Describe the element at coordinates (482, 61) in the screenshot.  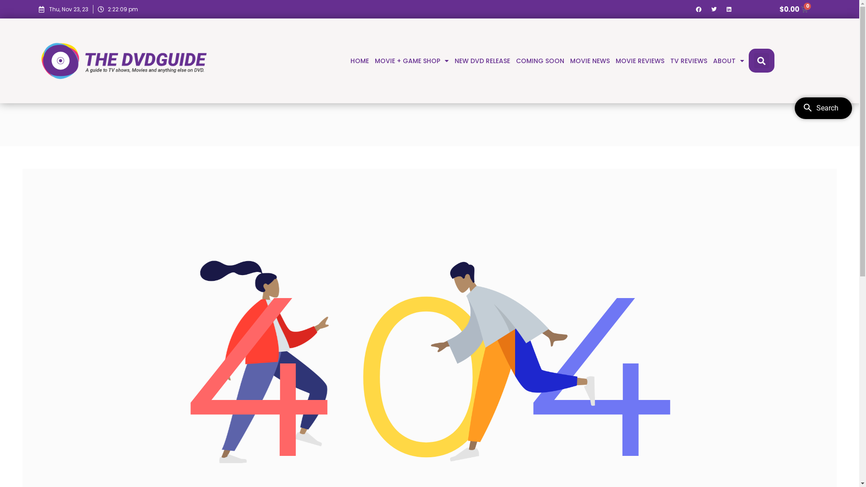
I see `'NEW DVD RELEASE'` at that location.